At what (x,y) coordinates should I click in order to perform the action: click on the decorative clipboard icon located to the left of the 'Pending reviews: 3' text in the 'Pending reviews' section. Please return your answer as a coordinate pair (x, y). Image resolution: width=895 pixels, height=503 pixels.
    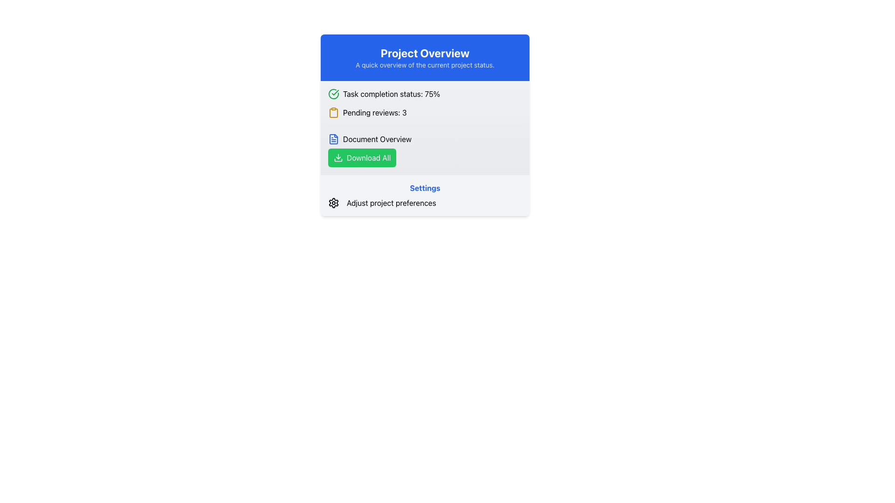
    Looking at the image, I should click on (333, 112).